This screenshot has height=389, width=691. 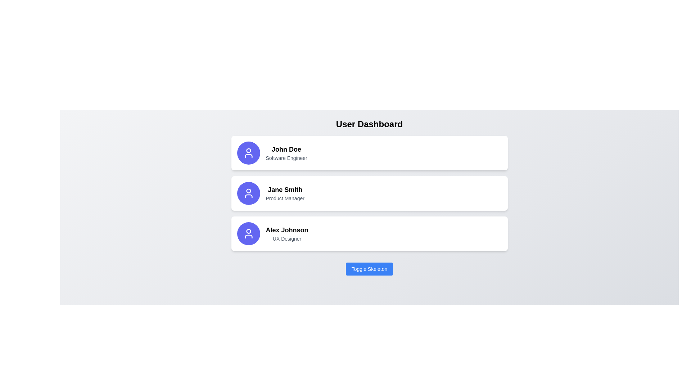 What do you see at coordinates (369, 269) in the screenshot?
I see `the 'Toggle Skeleton' button, which is a rectangular button with rounded corners, blue background, and white text, located below the list of user profiles` at bounding box center [369, 269].